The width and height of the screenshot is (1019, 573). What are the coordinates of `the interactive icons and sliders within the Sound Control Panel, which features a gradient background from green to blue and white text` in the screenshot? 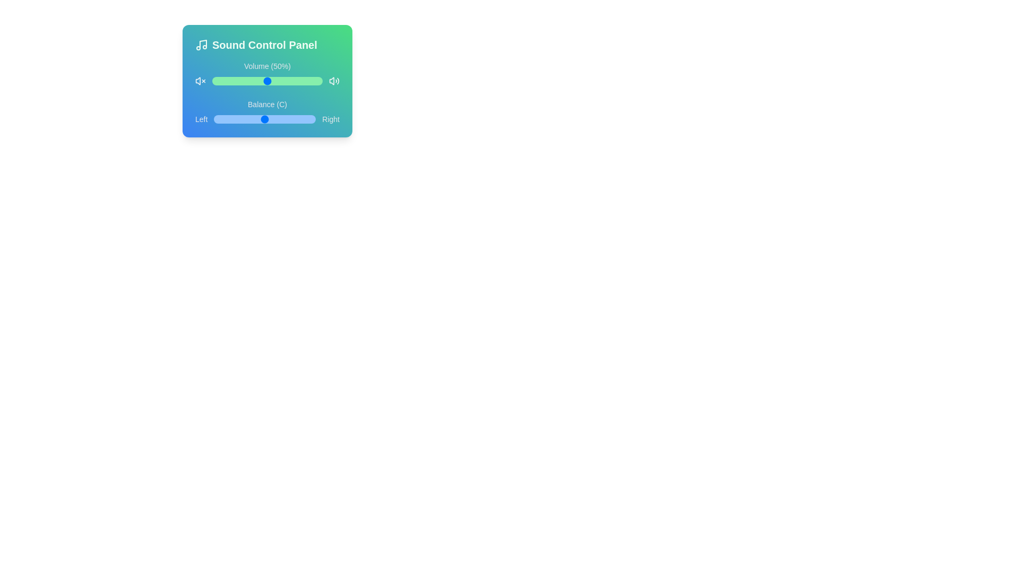 It's located at (267, 81).